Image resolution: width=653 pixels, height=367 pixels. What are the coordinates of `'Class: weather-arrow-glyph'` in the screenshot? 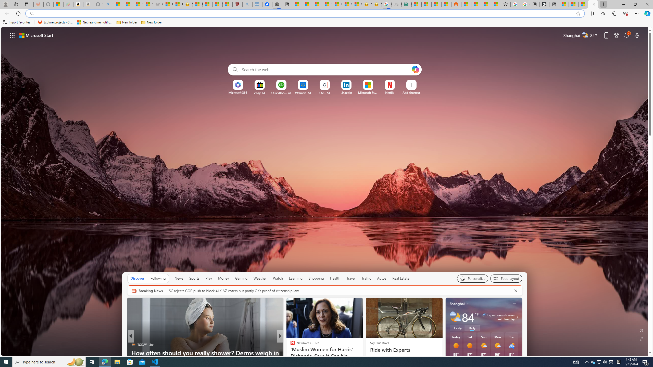 It's located at (517, 317).